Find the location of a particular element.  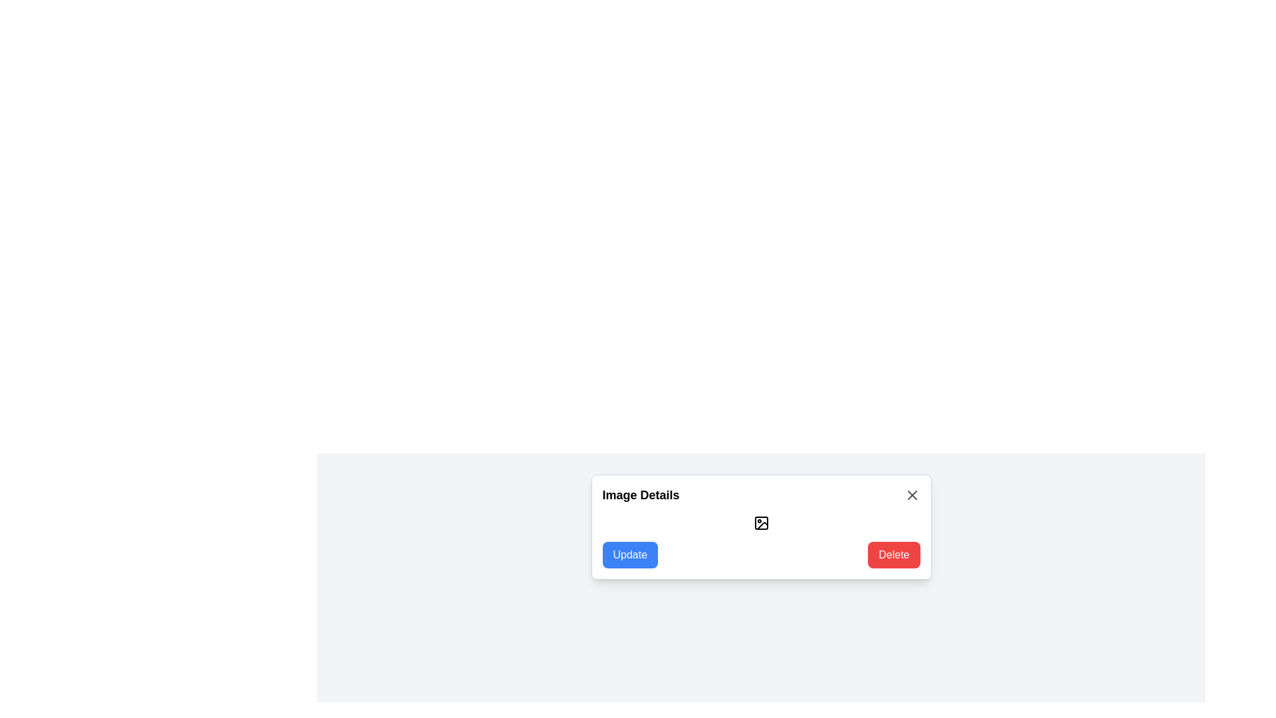

the SVG image icon, which resembles an image glyph and is located in the middle of the dialog box under the 'Image Details' heading is located at coordinates (761, 522).